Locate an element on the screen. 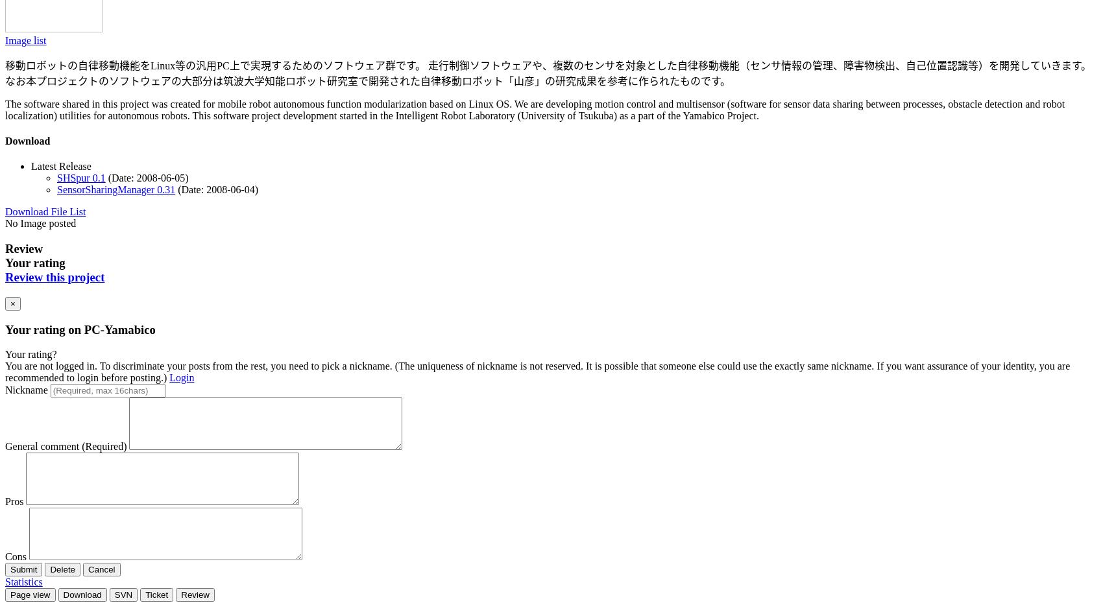  'Nickname' is located at coordinates (5, 390).